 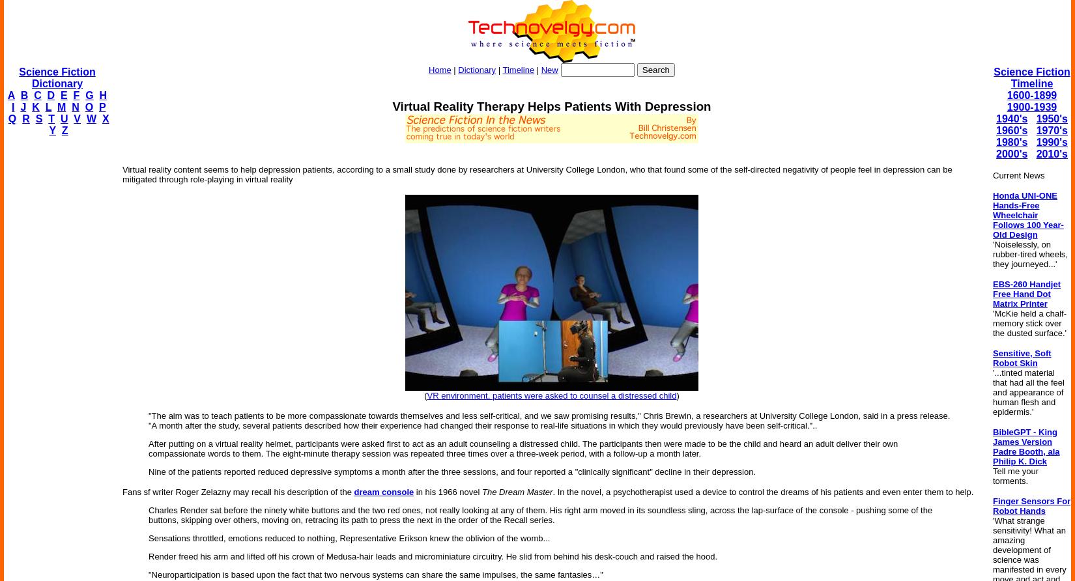 I want to click on '"The aim was to teach patients to be more compassionate towards themselves and less self-critical, and we saw promising results," Chris Brewin, a researchers at University College London, said in a press release. "A month after the study, several patients described how their experience had changed their response to real-life situations in which they would previously have been self-critical."..', so click(x=549, y=419).